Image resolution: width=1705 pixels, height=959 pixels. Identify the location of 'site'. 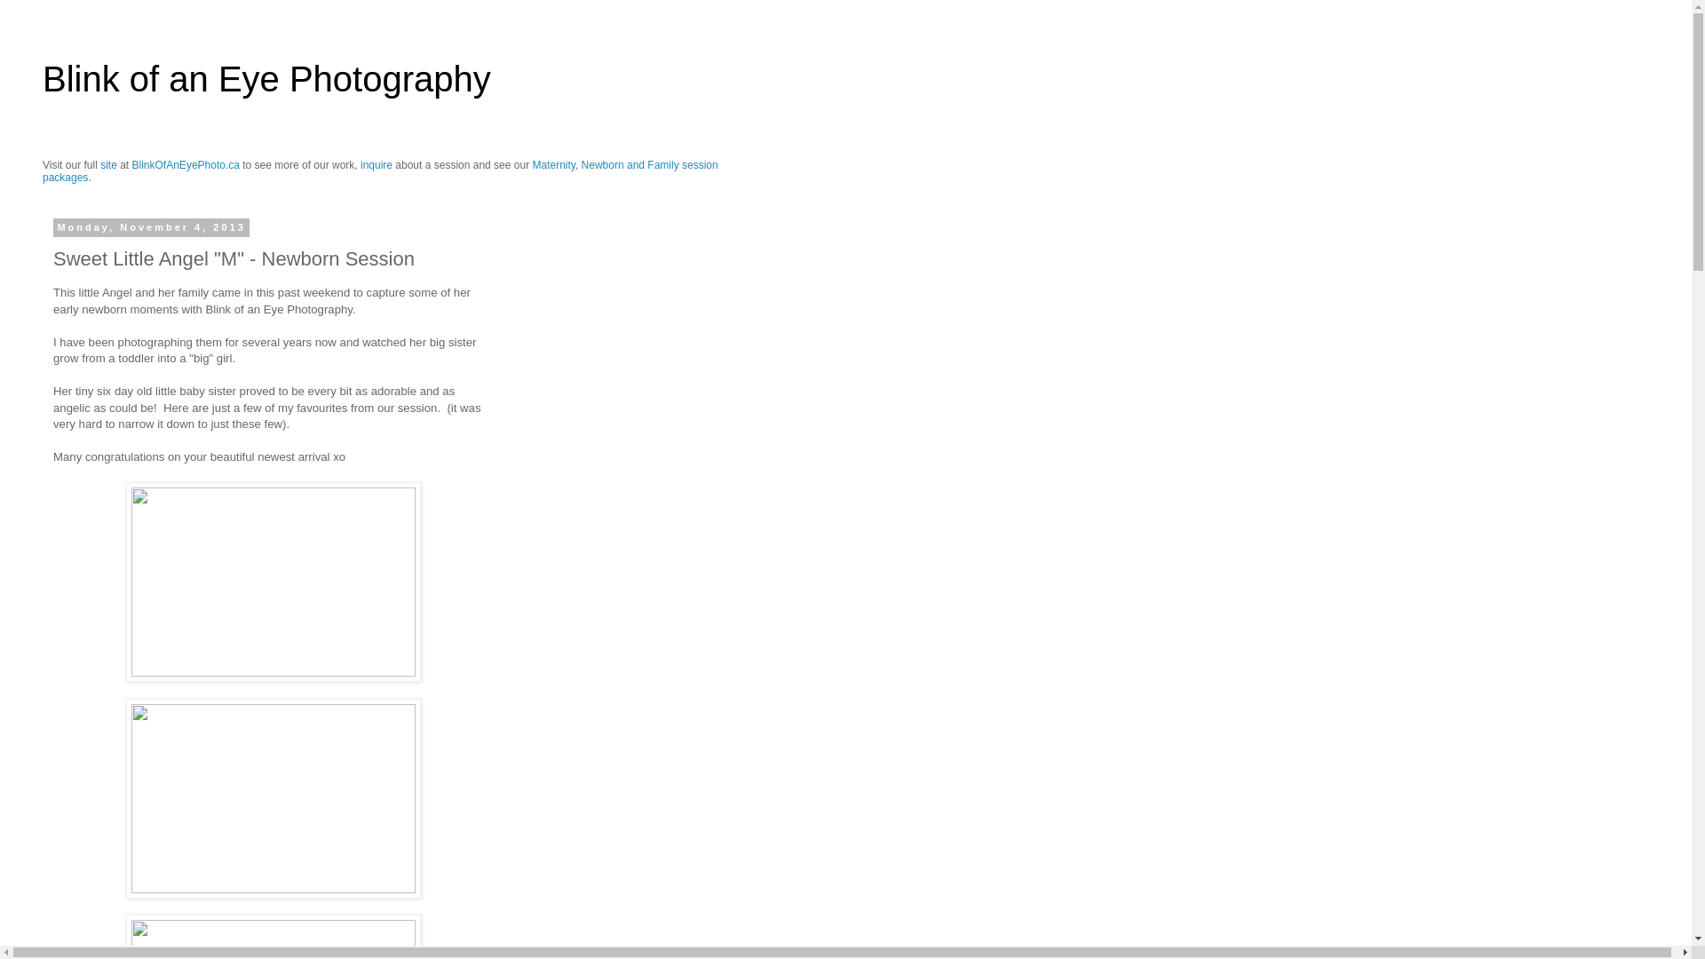
(107, 164).